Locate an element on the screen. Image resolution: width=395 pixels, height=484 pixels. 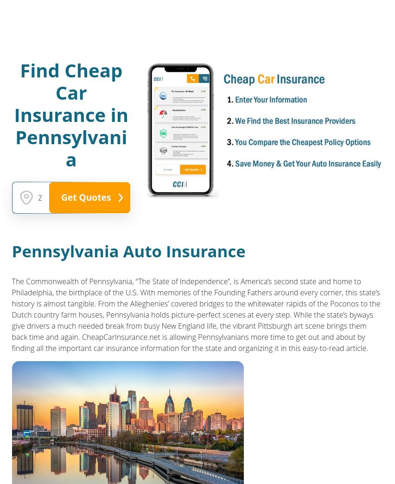
'Pennsylvania DUI Association' is located at coordinates (26, 63).